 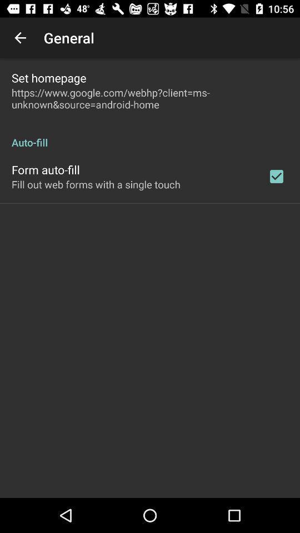 I want to click on the icon to the left of the general, so click(x=20, y=38).